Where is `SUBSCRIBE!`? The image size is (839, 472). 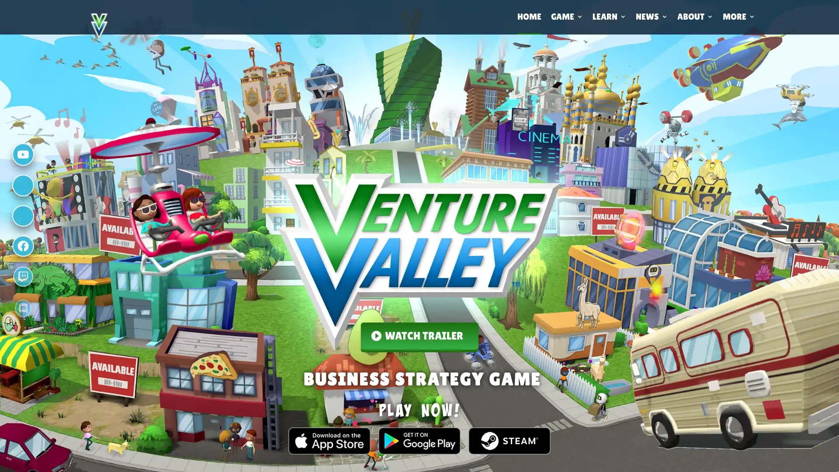 SUBSCRIBE! is located at coordinates (505, 340).